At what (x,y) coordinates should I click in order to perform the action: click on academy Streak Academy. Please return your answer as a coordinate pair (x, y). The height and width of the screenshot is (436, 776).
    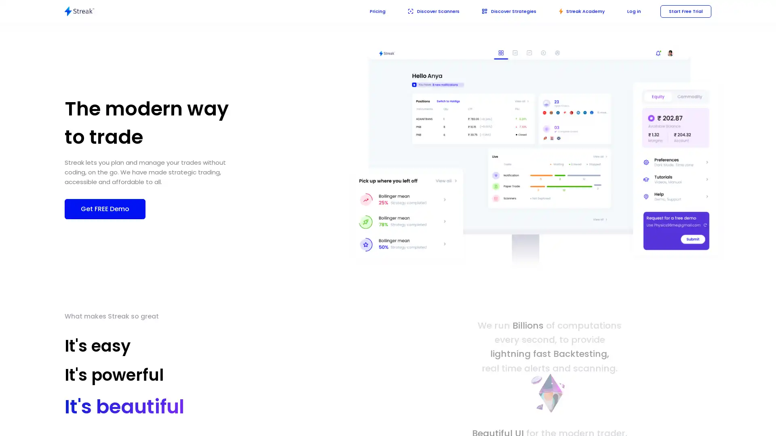
    Looking at the image, I should click on (578, 11).